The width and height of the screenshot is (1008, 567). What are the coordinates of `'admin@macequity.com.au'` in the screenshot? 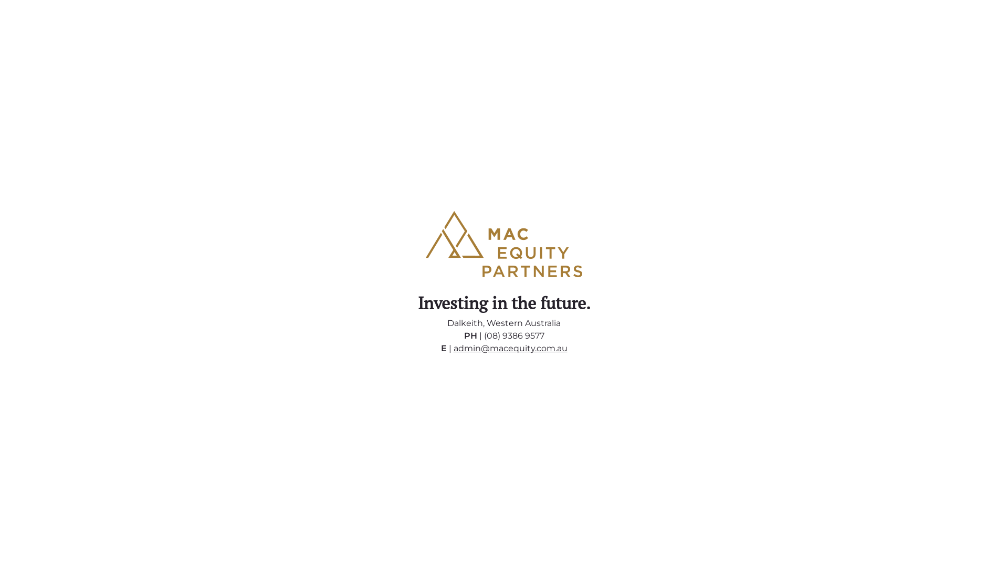 It's located at (510, 348).